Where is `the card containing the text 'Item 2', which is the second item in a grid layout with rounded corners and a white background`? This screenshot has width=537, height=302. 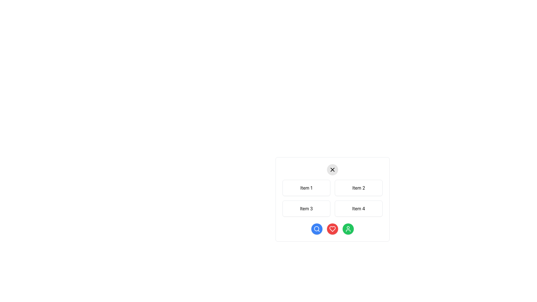 the card containing the text 'Item 2', which is the second item in a grid layout with rounded corners and a white background is located at coordinates (359, 188).